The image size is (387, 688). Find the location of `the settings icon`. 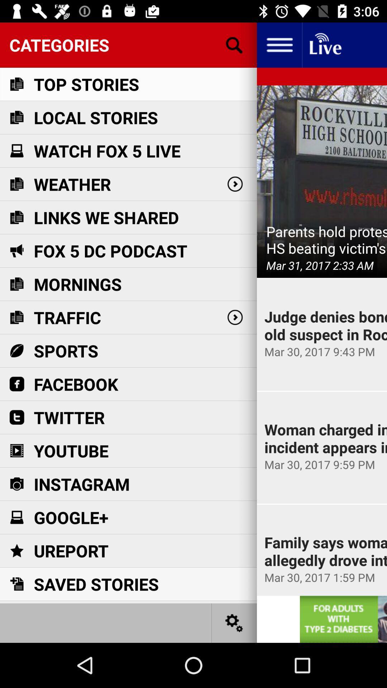

the settings icon is located at coordinates (234, 622).